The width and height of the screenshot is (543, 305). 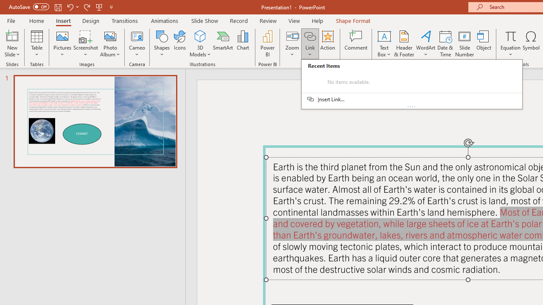 What do you see at coordinates (484, 44) in the screenshot?
I see `'Object...'` at bounding box center [484, 44].